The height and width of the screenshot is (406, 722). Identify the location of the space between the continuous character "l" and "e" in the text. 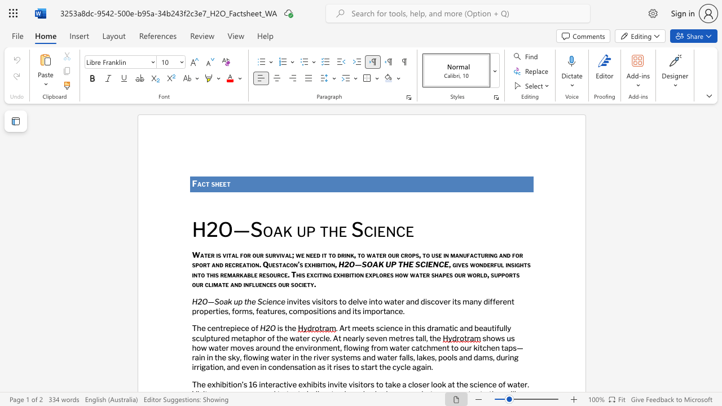
(325, 337).